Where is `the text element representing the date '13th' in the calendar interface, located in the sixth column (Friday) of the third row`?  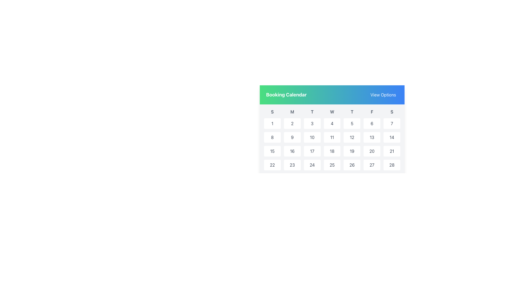 the text element representing the date '13th' in the calendar interface, located in the sixth column (Friday) of the third row is located at coordinates (372, 137).